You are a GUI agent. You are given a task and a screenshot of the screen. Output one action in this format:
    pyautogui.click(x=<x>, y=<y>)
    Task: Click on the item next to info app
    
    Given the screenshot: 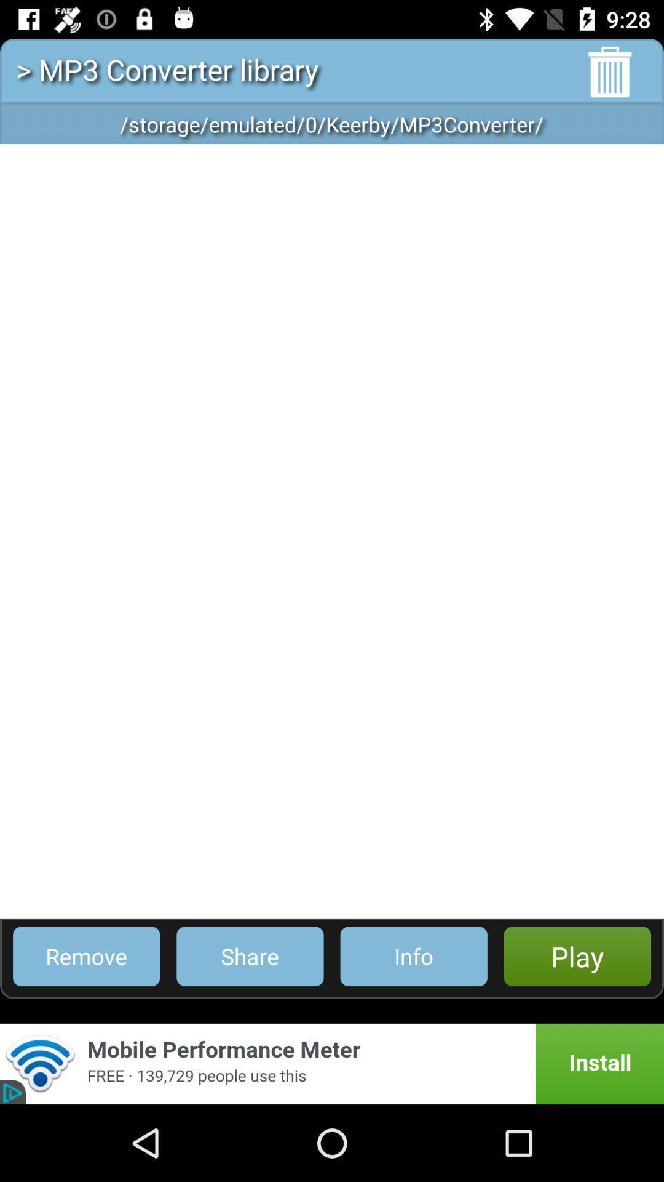 What is the action you would take?
    pyautogui.click(x=249, y=955)
    